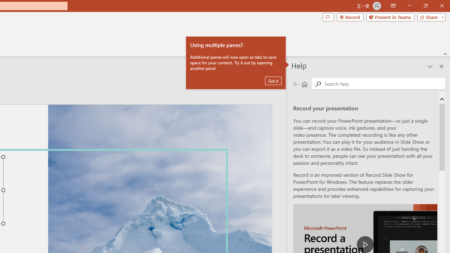 This screenshot has height=253, width=450. What do you see at coordinates (296, 84) in the screenshot?
I see `'Previous page'` at bounding box center [296, 84].